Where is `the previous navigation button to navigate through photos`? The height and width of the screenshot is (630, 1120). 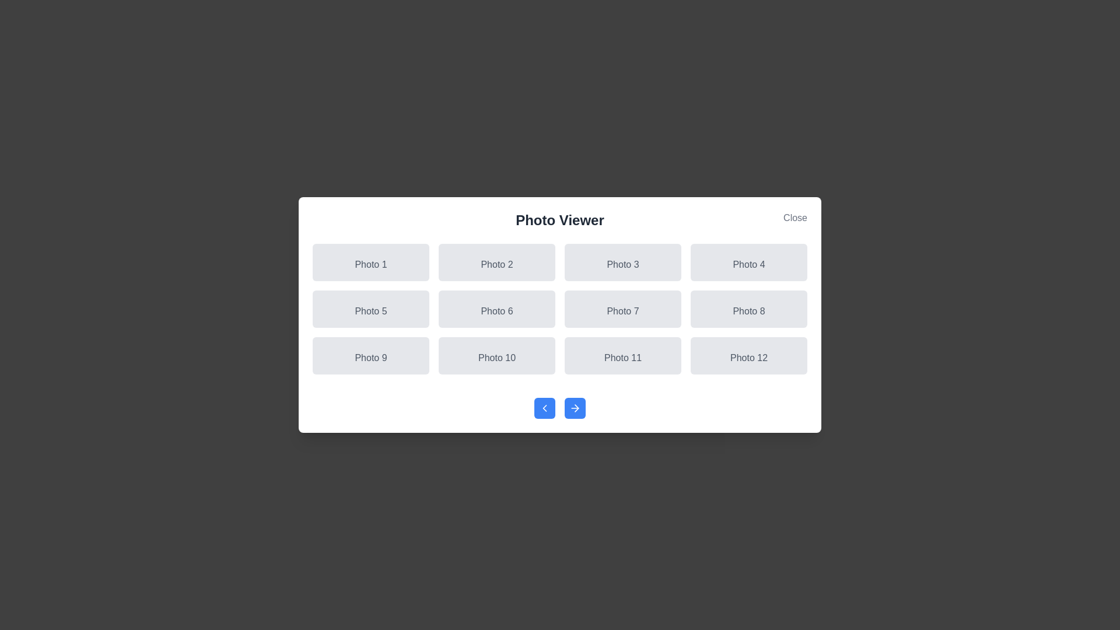 the previous navigation button to navigate through photos is located at coordinates (544, 407).